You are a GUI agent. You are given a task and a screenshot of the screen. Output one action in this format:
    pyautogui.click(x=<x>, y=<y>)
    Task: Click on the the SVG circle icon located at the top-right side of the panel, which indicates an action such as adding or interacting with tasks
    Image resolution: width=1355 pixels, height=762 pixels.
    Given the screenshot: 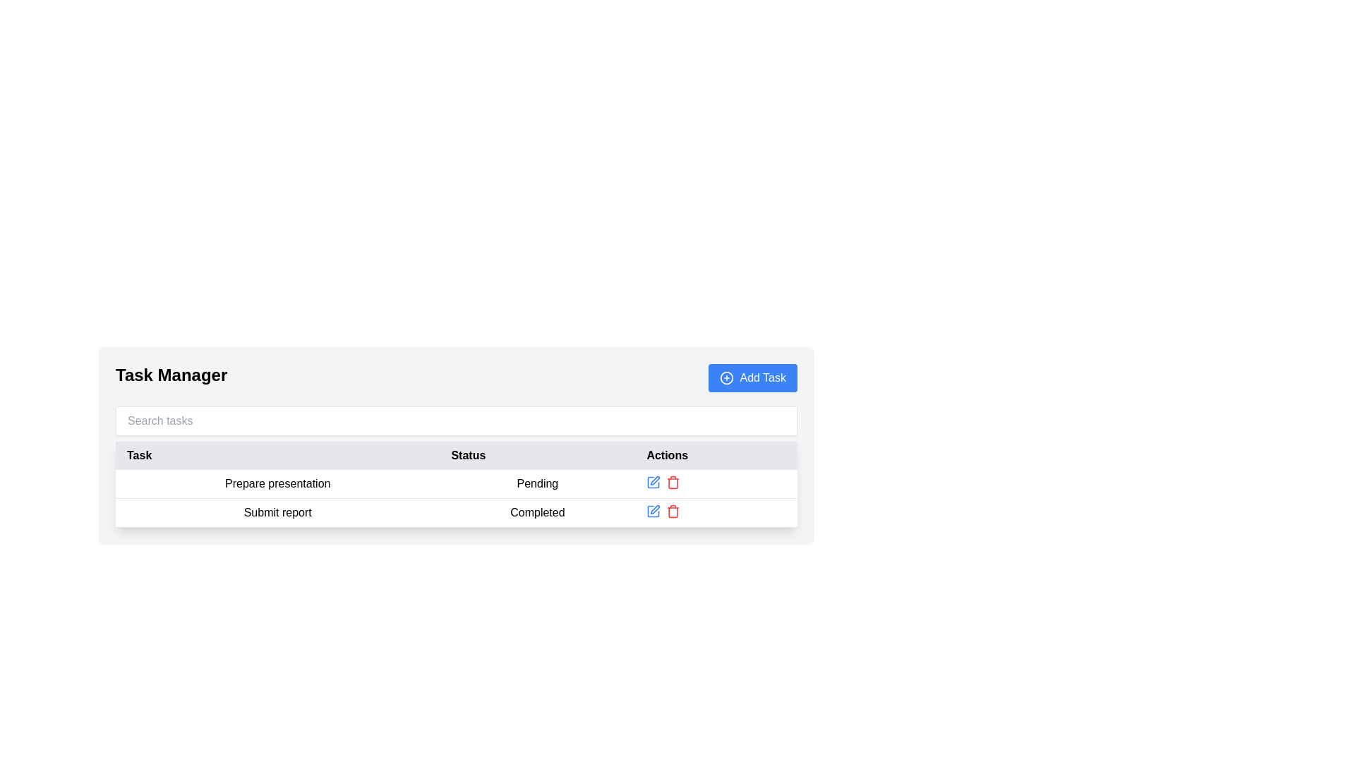 What is the action you would take?
    pyautogui.click(x=727, y=377)
    